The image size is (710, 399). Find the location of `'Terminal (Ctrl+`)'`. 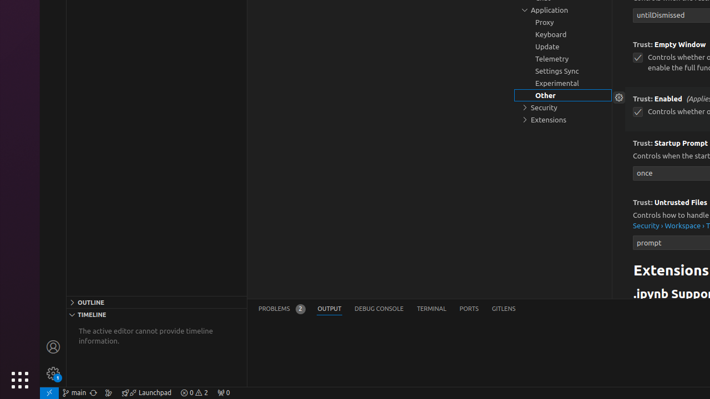

'Terminal (Ctrl+`)' is located at coordinates (430, 309).